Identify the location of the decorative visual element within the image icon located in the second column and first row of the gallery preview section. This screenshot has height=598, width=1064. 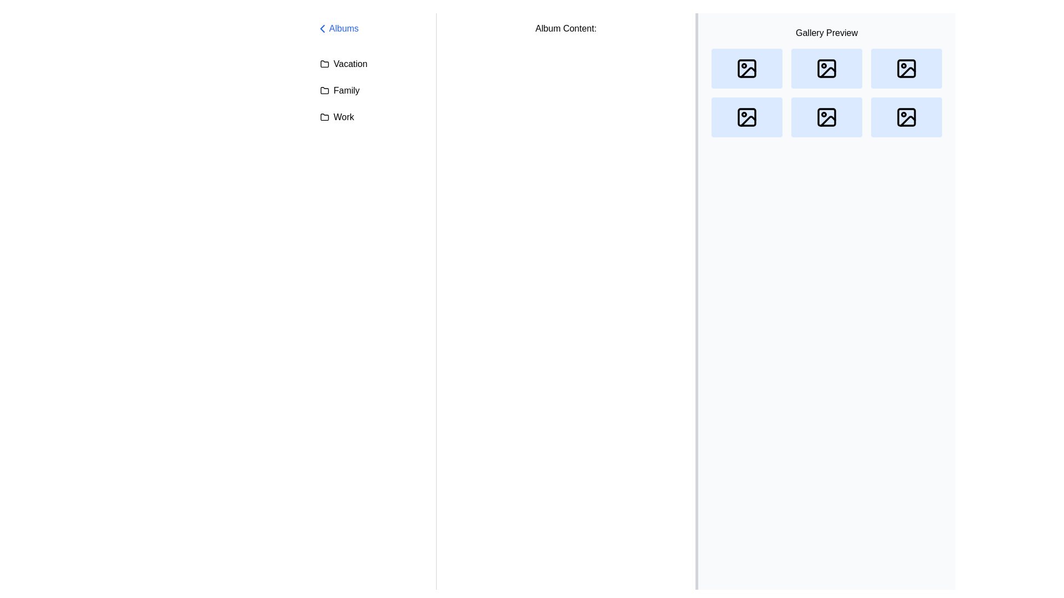
(827, 68).